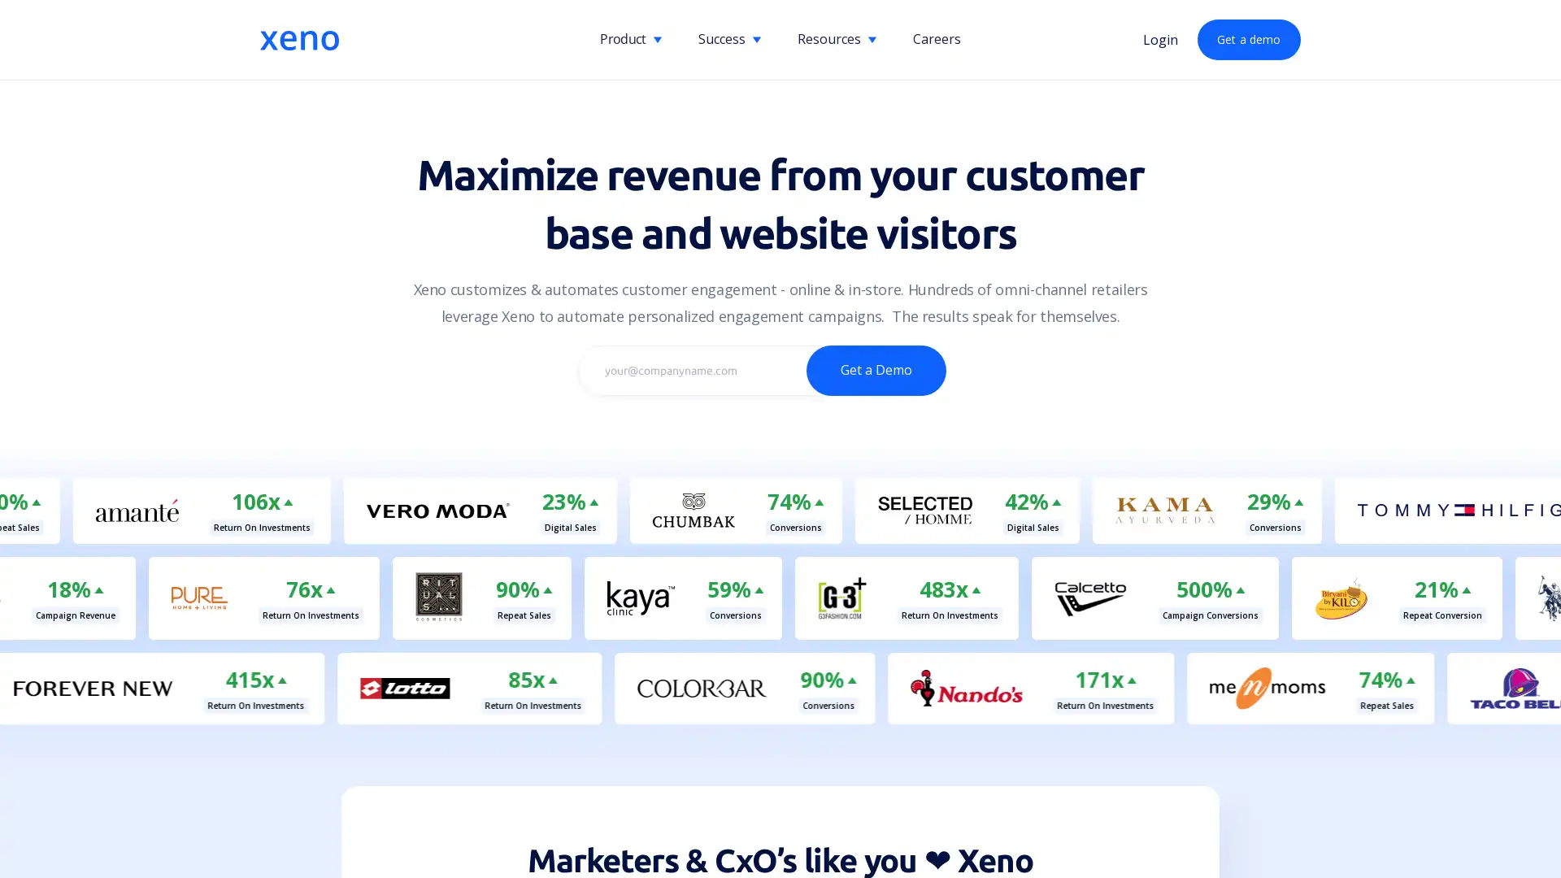  Describe the element at coordinates (876, 370) in the screenshot. I see `Get a Demo` at that location.